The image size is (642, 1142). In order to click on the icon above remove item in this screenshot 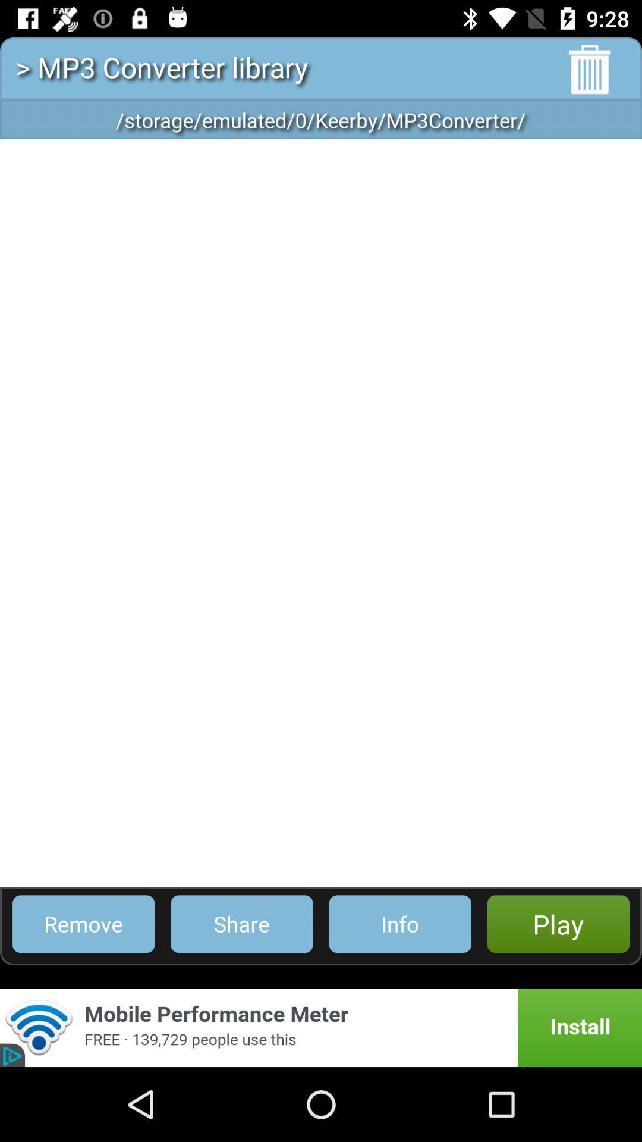, I will do `click(321, 513)`.